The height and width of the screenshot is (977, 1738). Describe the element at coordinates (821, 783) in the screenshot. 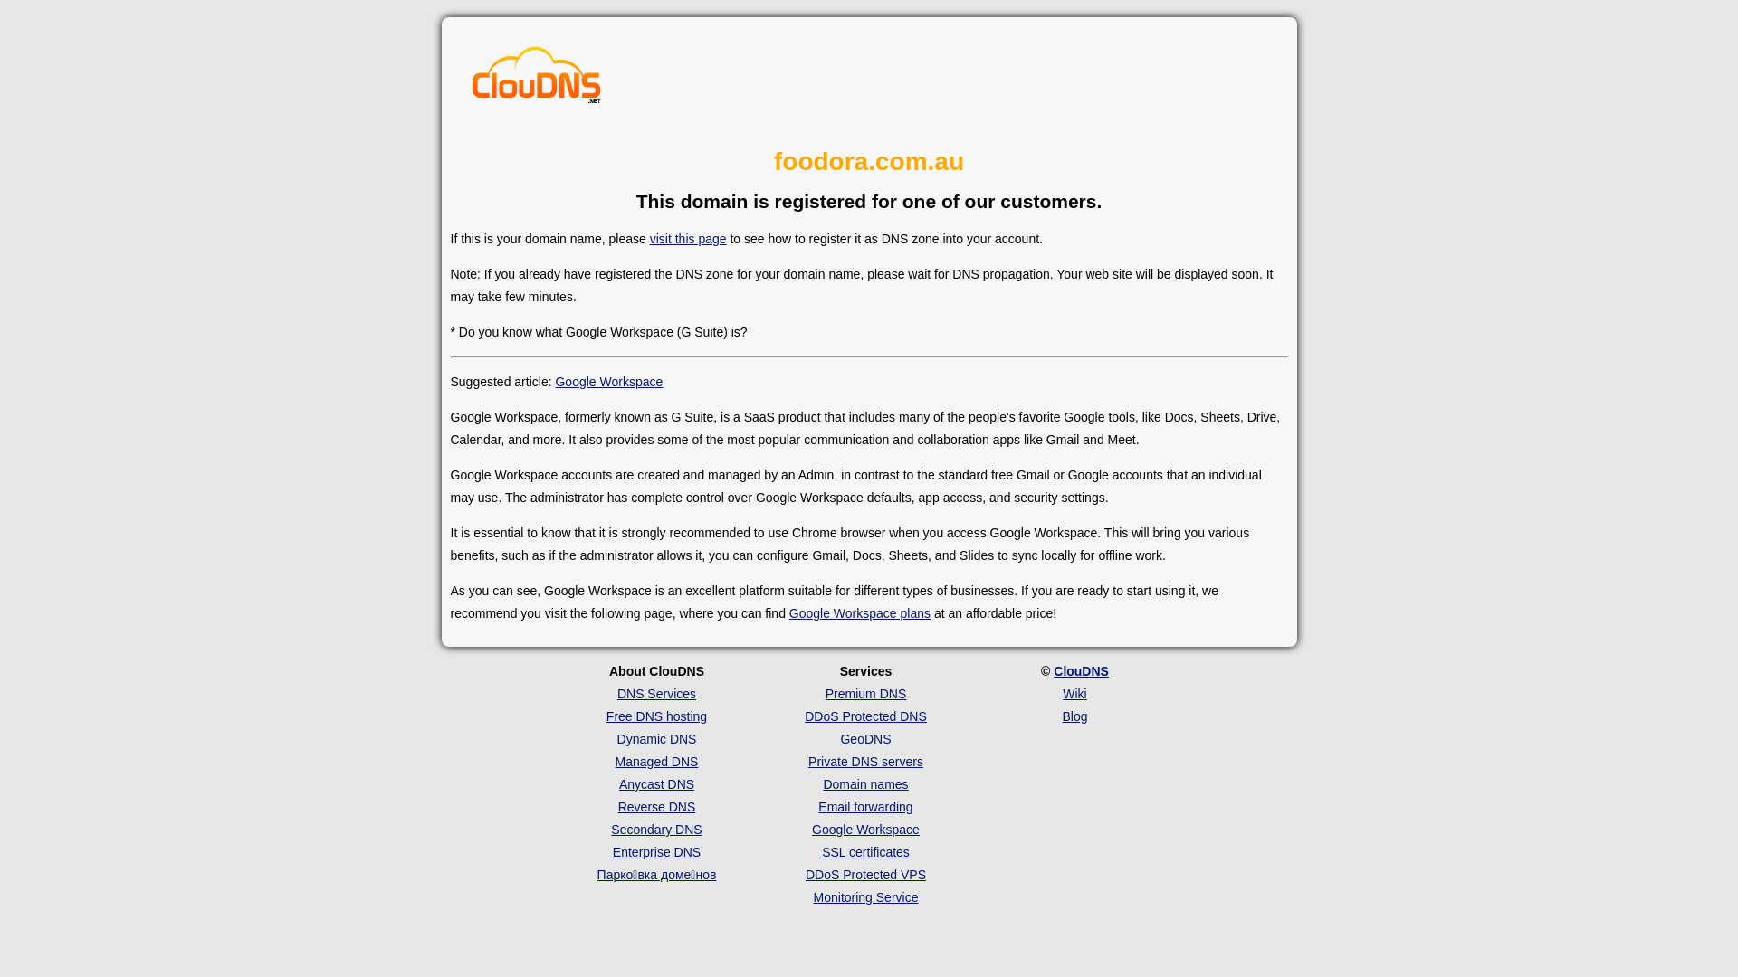

I see `'Domain names'` at that location.